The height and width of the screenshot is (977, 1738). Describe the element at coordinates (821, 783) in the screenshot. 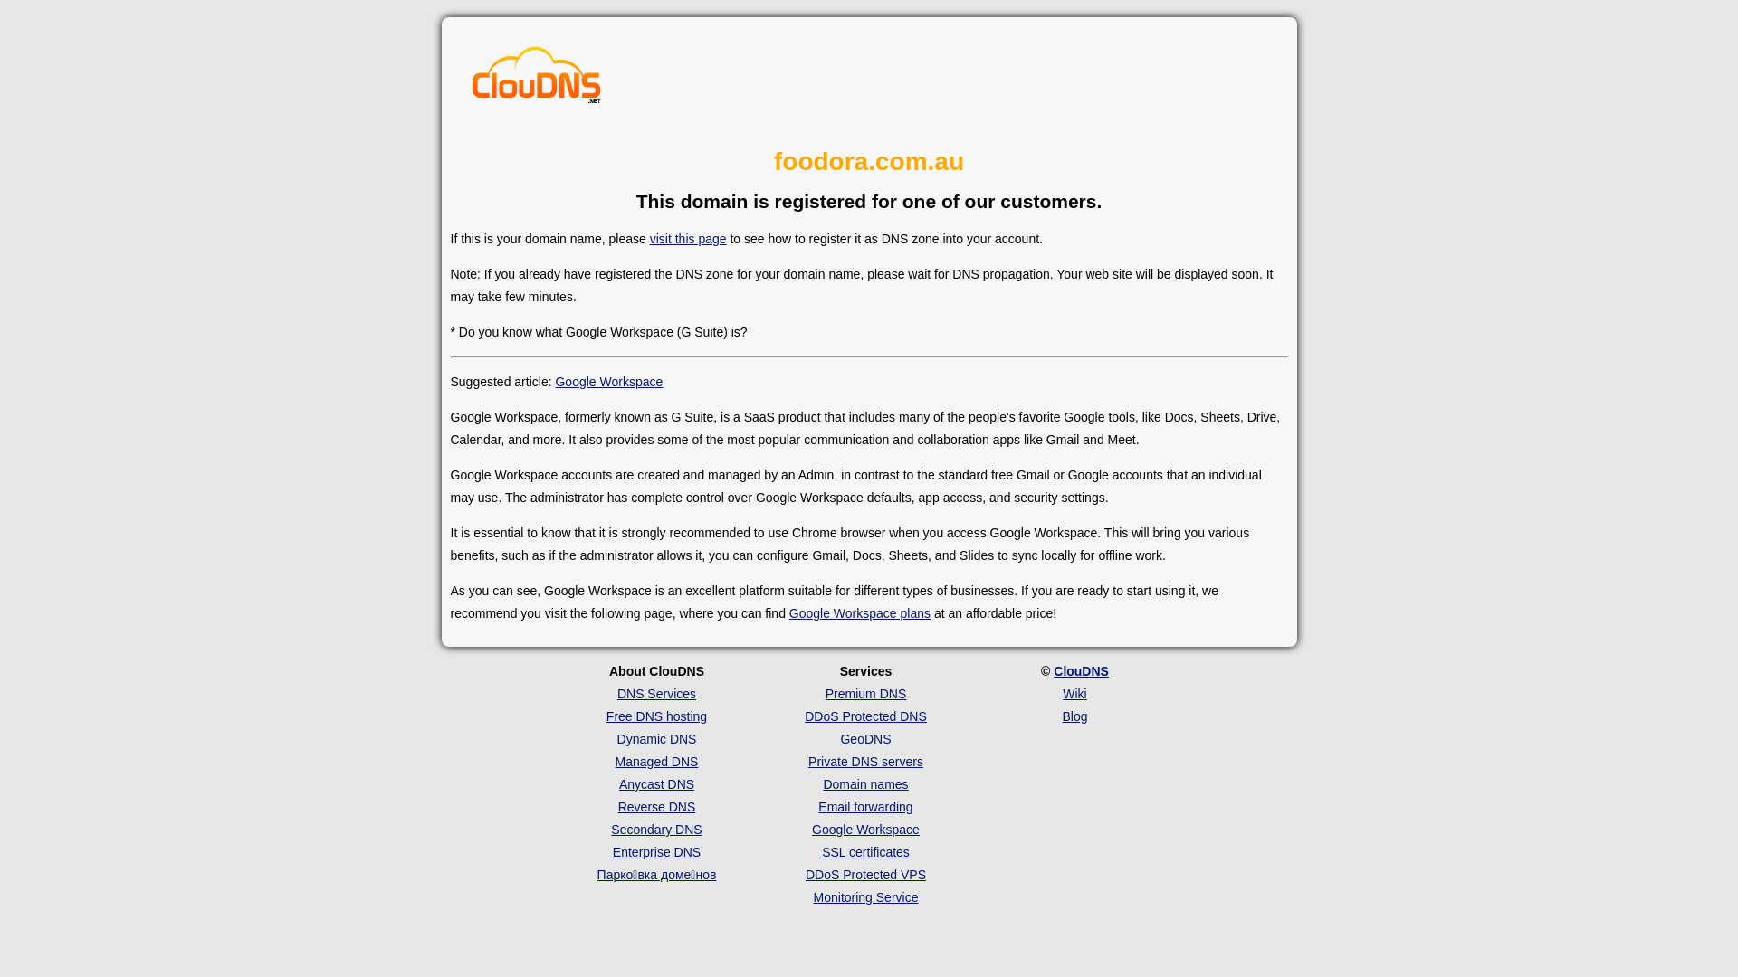

I see `'Domain names'` at that location.